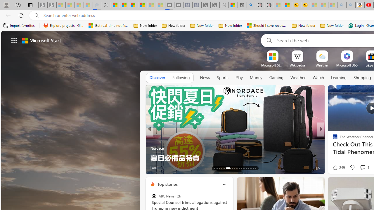  What do you see at coordinates (361, 168) in the screenshot?
I see `'View comments 366 Comment'` at bounding box center [361, 168].